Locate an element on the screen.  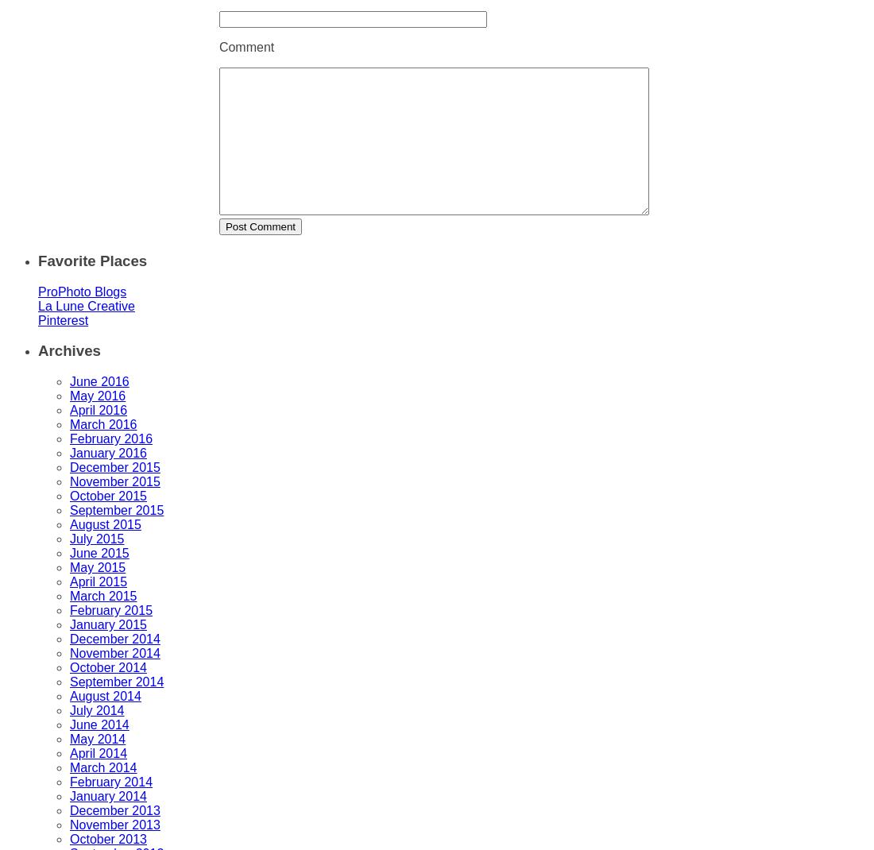
'June 2014' is located at coordinates (99, 724).